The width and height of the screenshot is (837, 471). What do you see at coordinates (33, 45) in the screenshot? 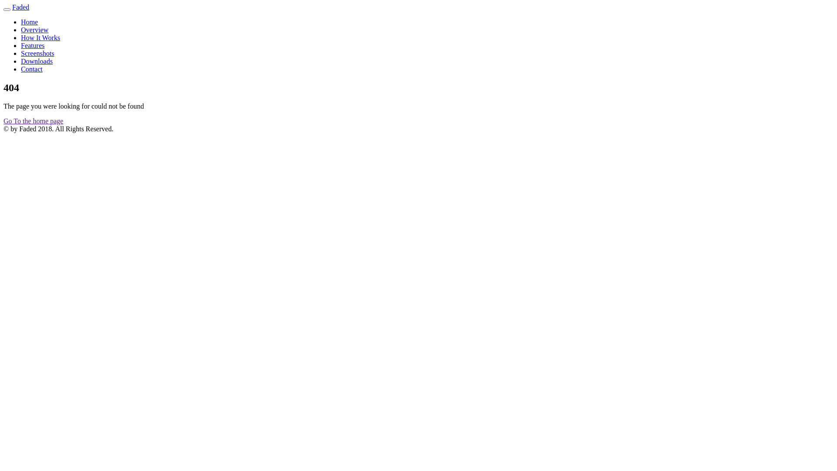
I see `'Features'` at bounding box center [33, 45].